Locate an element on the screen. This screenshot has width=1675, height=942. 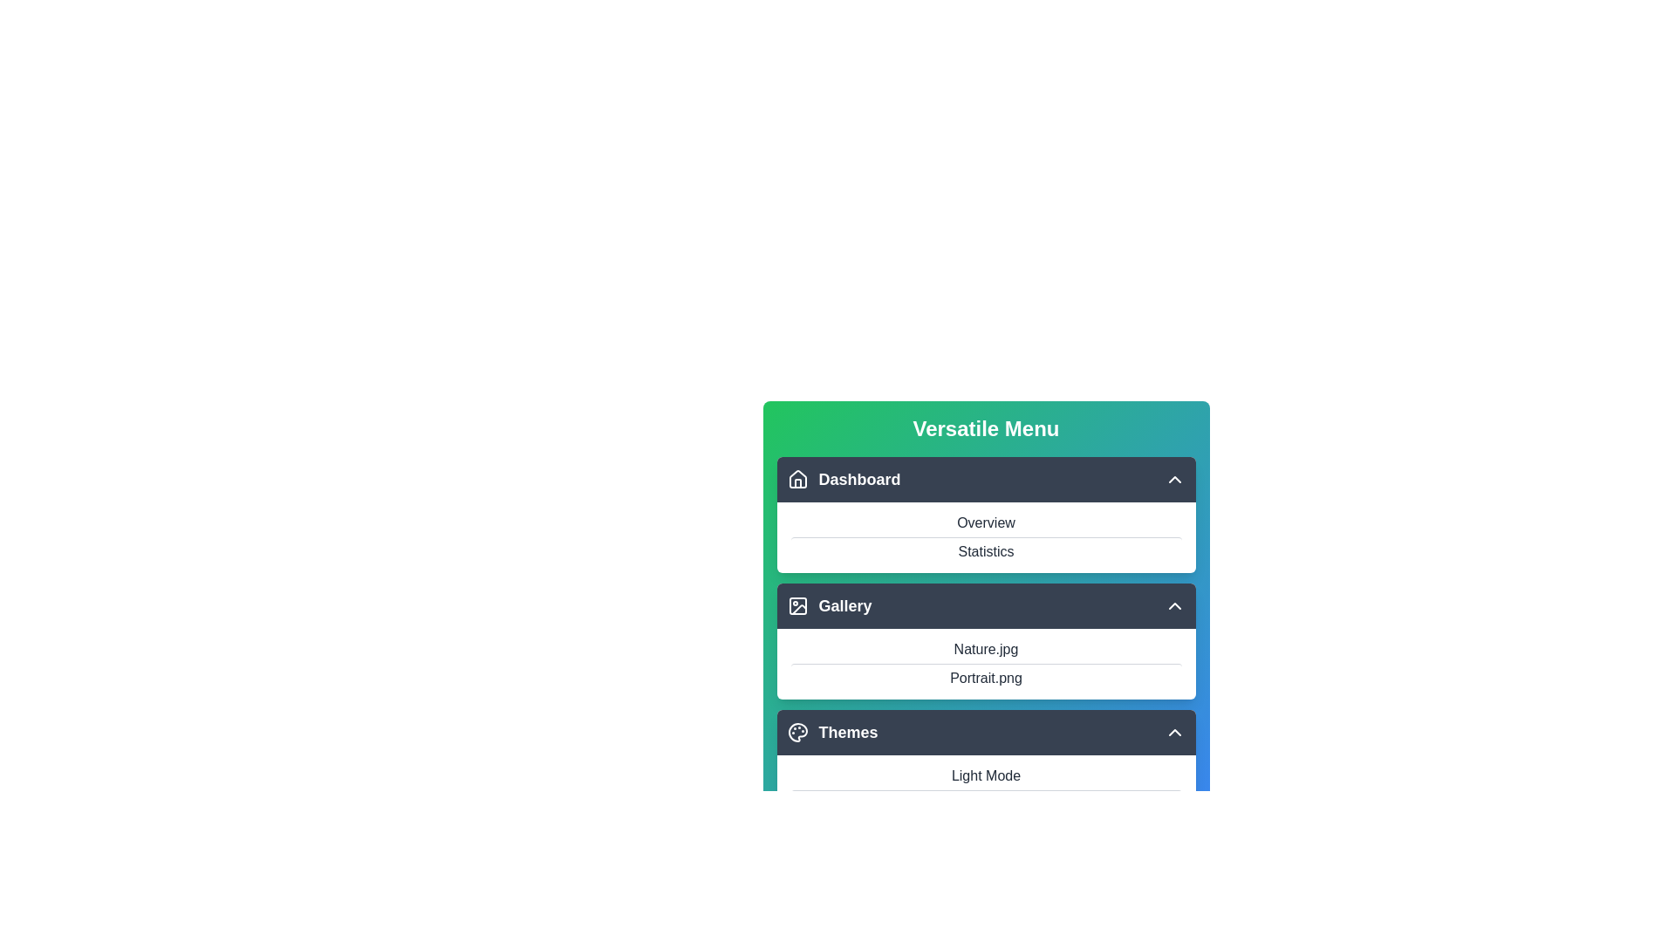
the item Overview from the section Dashboard is located at coordinates (986, 480).